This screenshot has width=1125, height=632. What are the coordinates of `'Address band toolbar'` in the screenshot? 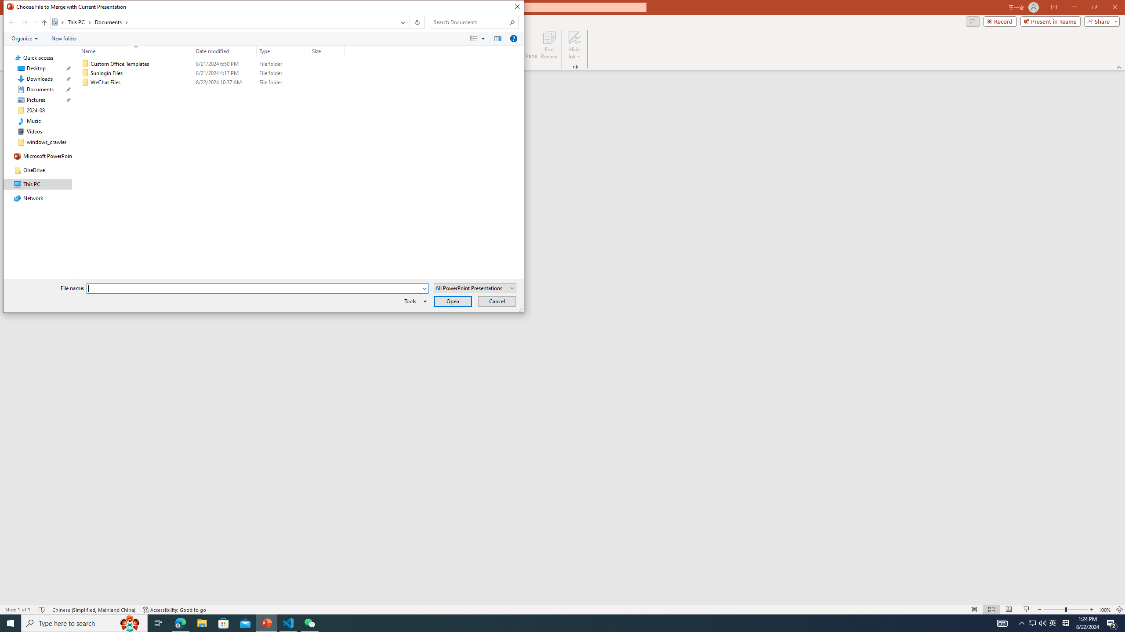 It's located at (409, 22).